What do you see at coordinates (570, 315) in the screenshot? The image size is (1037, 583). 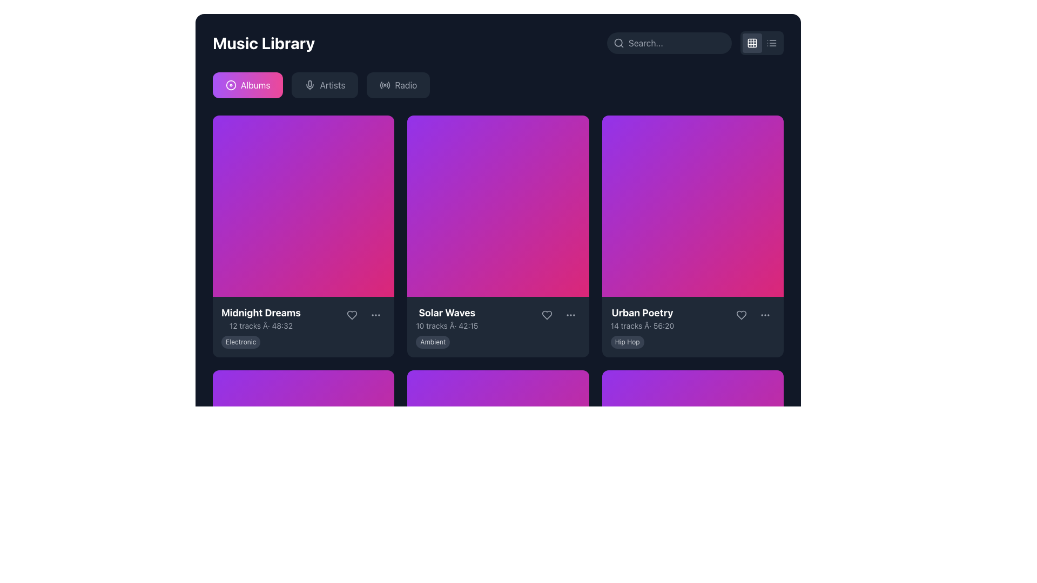 I see `the central dot of the Ellipsis icon (three-dot menu button) on the right side of the 'Solar Waves' card in the 'Music Library'` at bounding box center [570, 315].